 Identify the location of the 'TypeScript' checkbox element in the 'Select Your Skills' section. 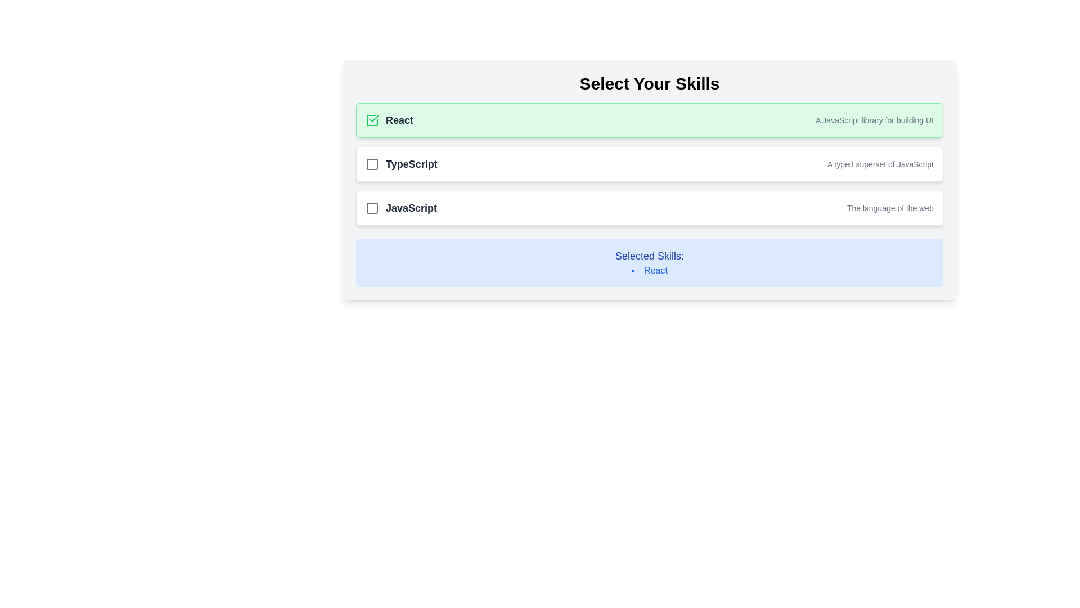
(650, 164).